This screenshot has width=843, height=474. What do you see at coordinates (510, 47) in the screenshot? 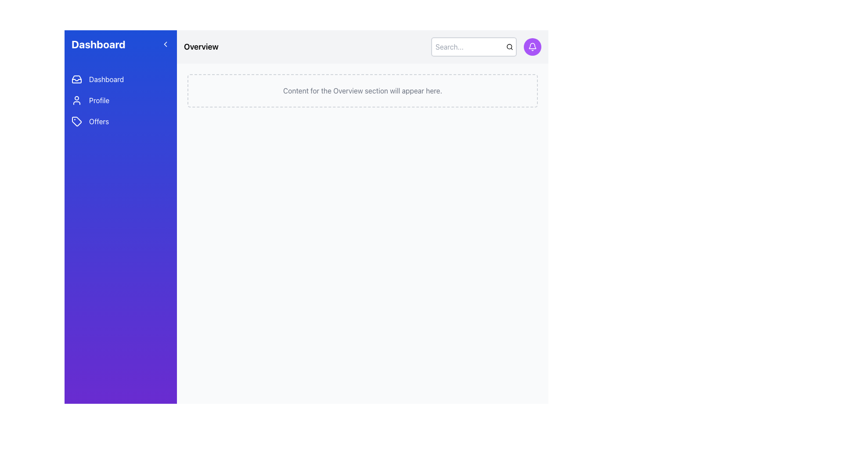
I see `the small black magnifying glass icon located at the right edge of the 'Search...' input field in the upper-right area of the interface` at bounding box center [510, 47].